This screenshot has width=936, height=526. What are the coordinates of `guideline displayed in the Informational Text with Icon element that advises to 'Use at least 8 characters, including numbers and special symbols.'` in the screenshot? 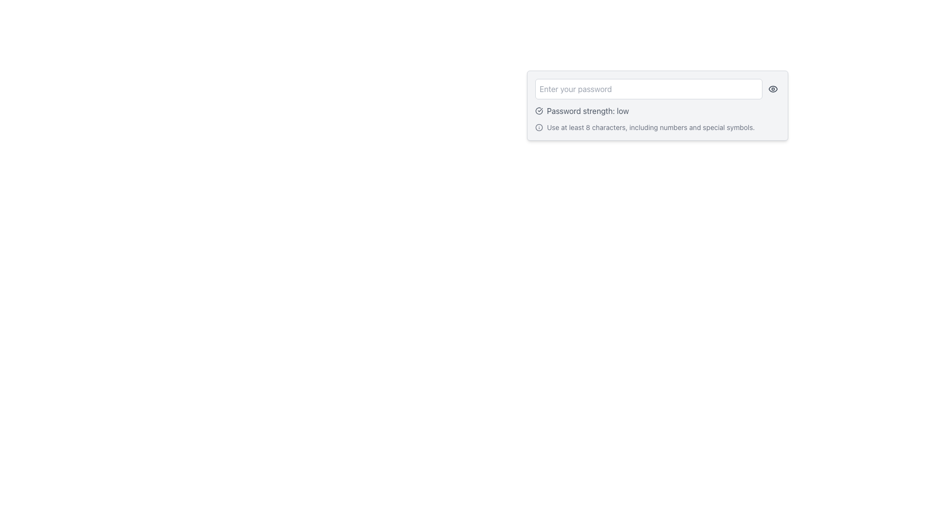 It's located at (657, 127).